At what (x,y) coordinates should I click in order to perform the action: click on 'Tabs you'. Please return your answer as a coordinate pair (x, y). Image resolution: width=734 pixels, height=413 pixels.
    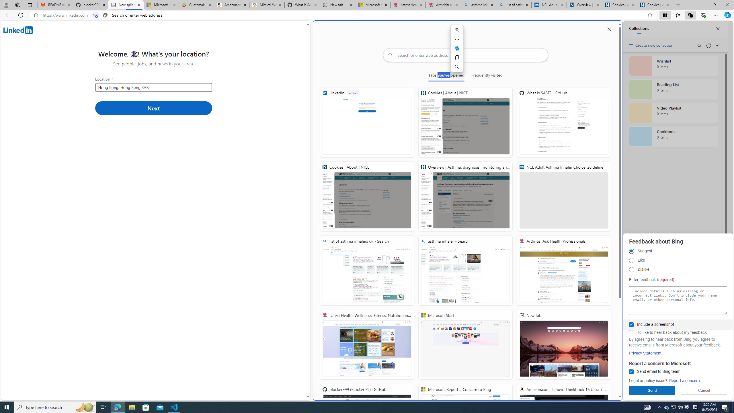
    Looking at the image, I should click on (446, 76).